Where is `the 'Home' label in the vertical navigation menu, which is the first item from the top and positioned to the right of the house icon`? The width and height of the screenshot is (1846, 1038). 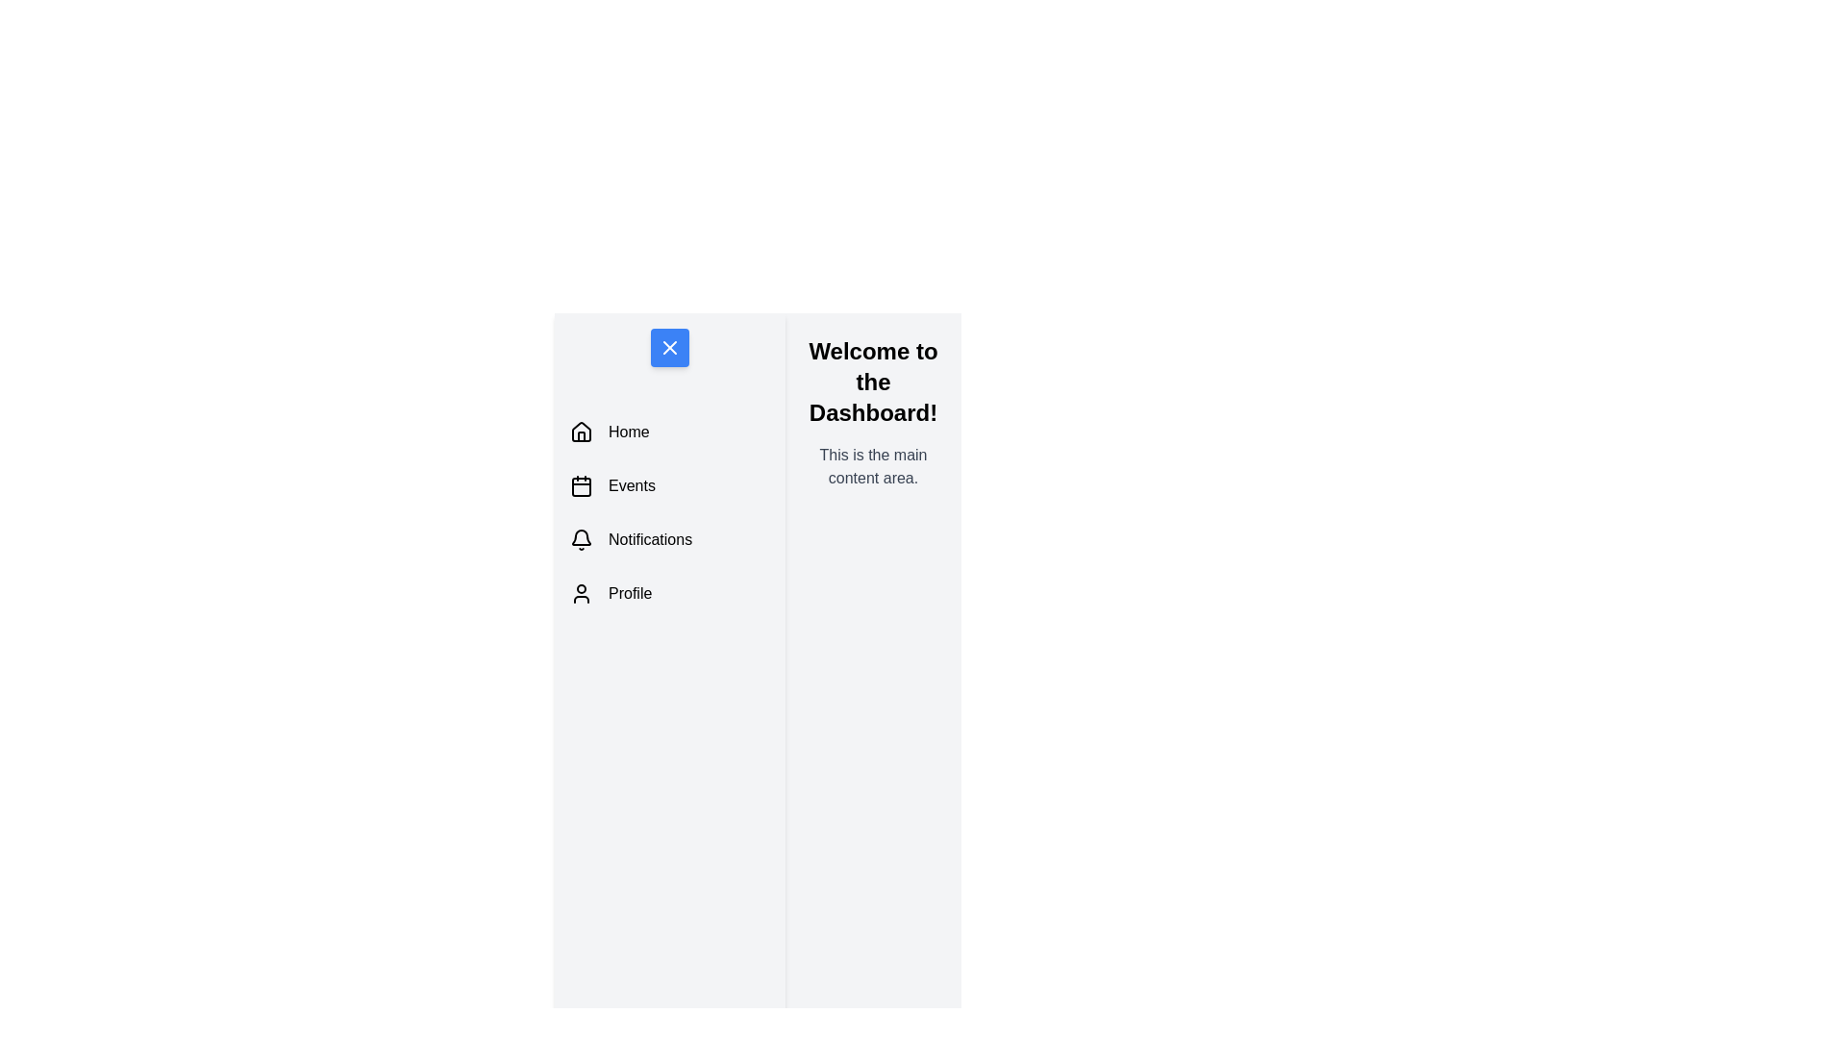
the 'Home' label in the vertical navigation menu, which is the first item from the top and positioned to the right of the house icon is located at coordinates (629, 432).